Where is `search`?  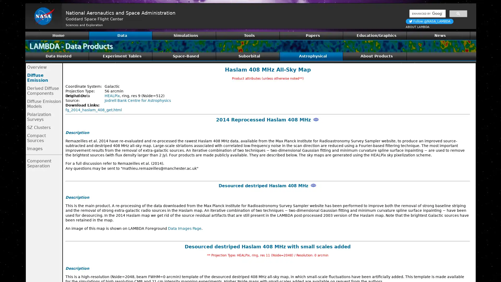 search is located at coordinates (458, 13).